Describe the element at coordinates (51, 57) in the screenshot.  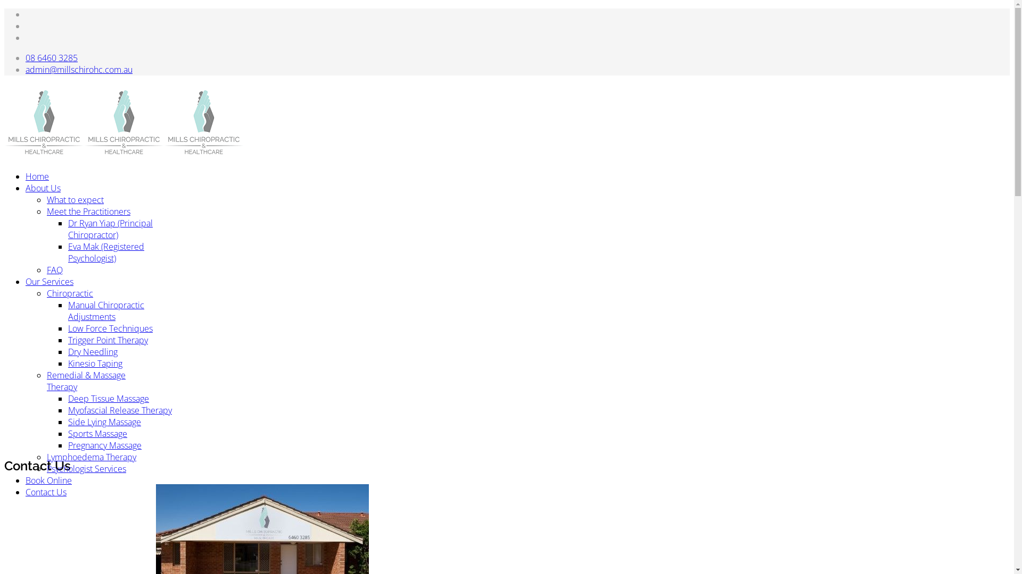
I see `'08 6460 3285'` at that location.